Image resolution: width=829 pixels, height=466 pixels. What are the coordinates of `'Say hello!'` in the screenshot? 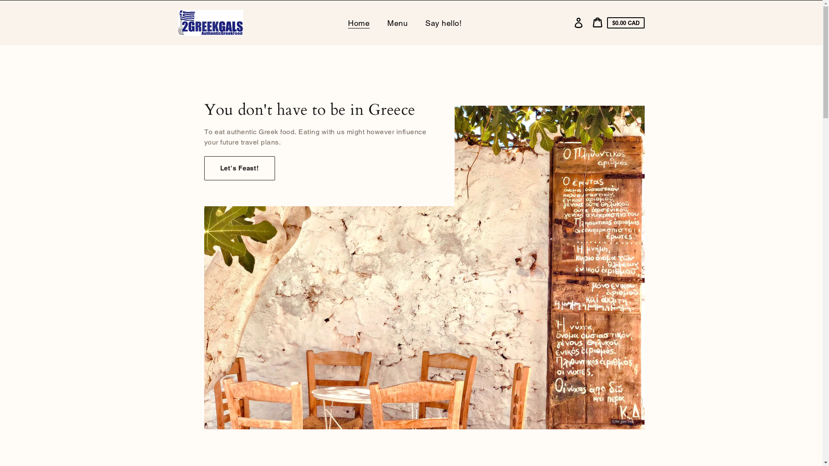 It's located at (444, 22).